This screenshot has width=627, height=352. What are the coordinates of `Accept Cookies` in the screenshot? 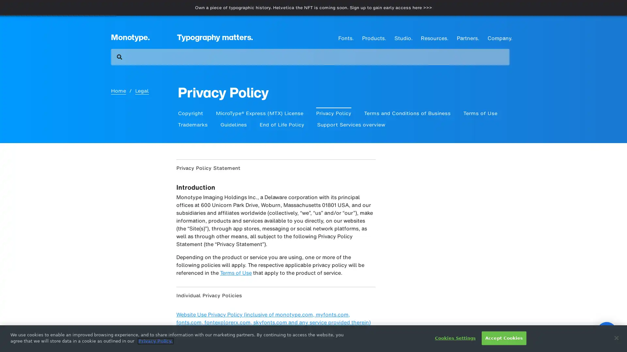 It's located at (503, 338).